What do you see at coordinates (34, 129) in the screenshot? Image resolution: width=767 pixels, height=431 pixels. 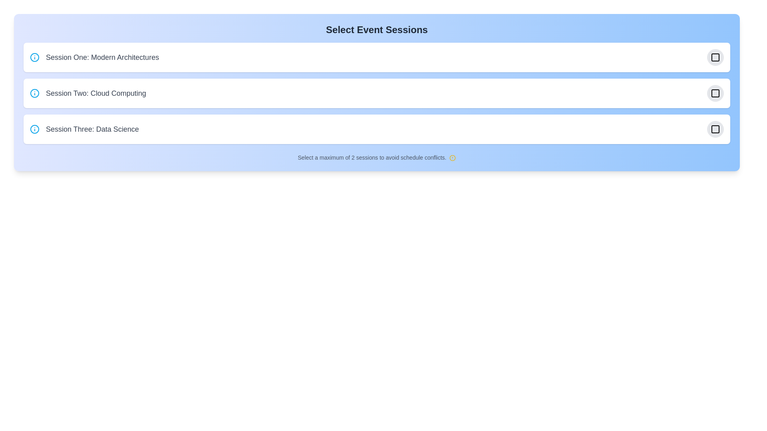 I see `the informational icon for Session Three: Data Science to reveal its tooltip` at bounding box center [34, 129].